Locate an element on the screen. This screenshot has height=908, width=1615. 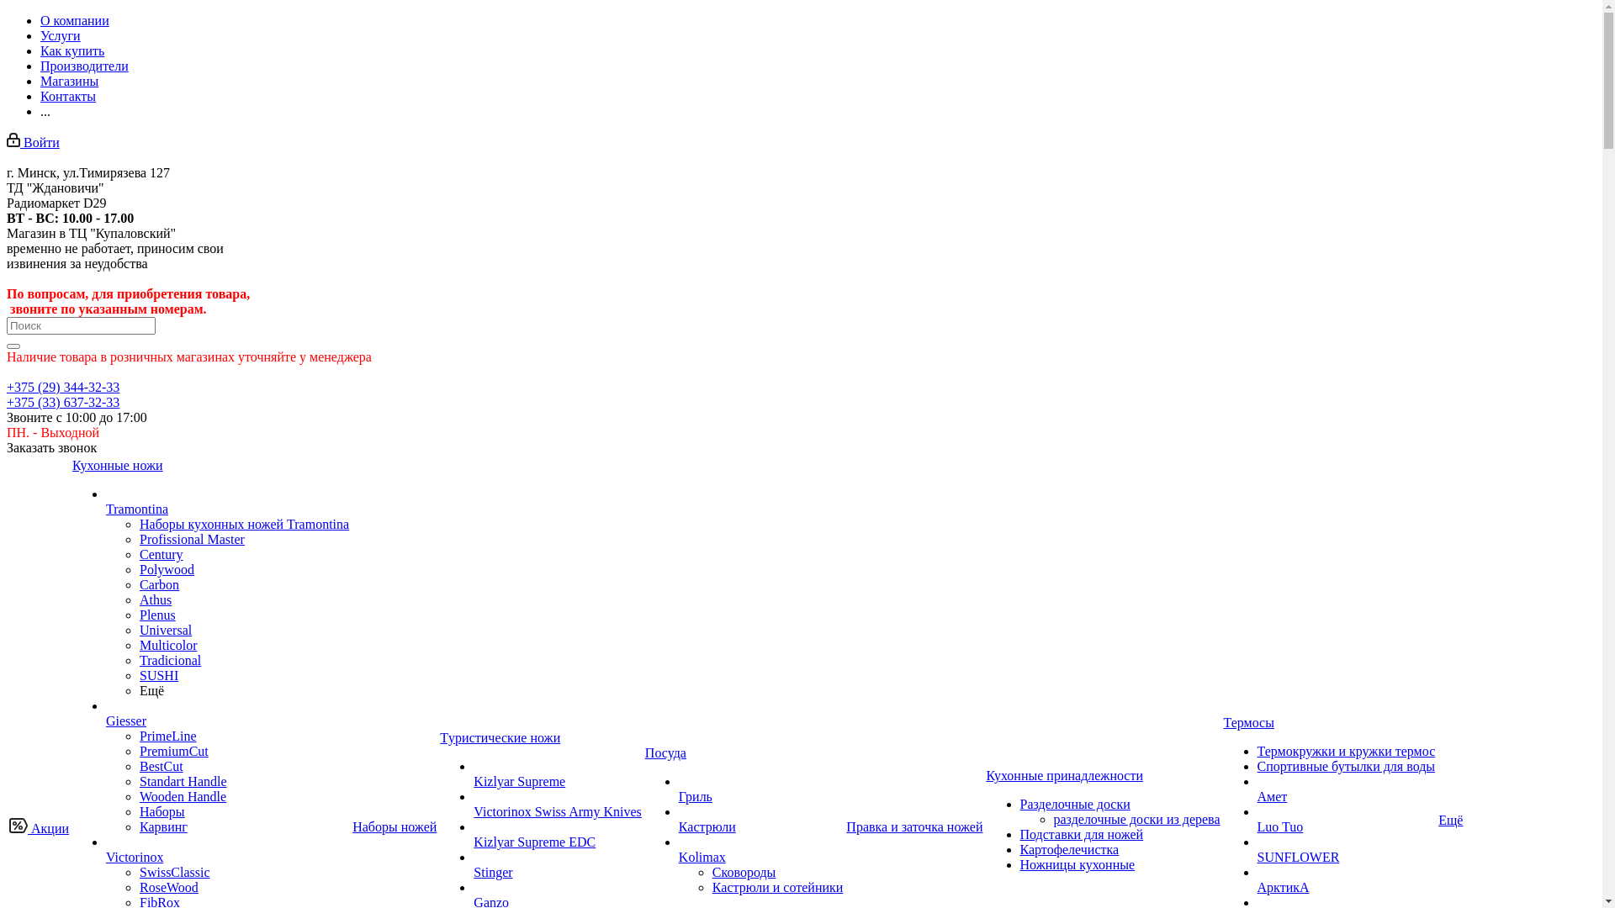
'Victorinox' is located at coordinates (105, 846).